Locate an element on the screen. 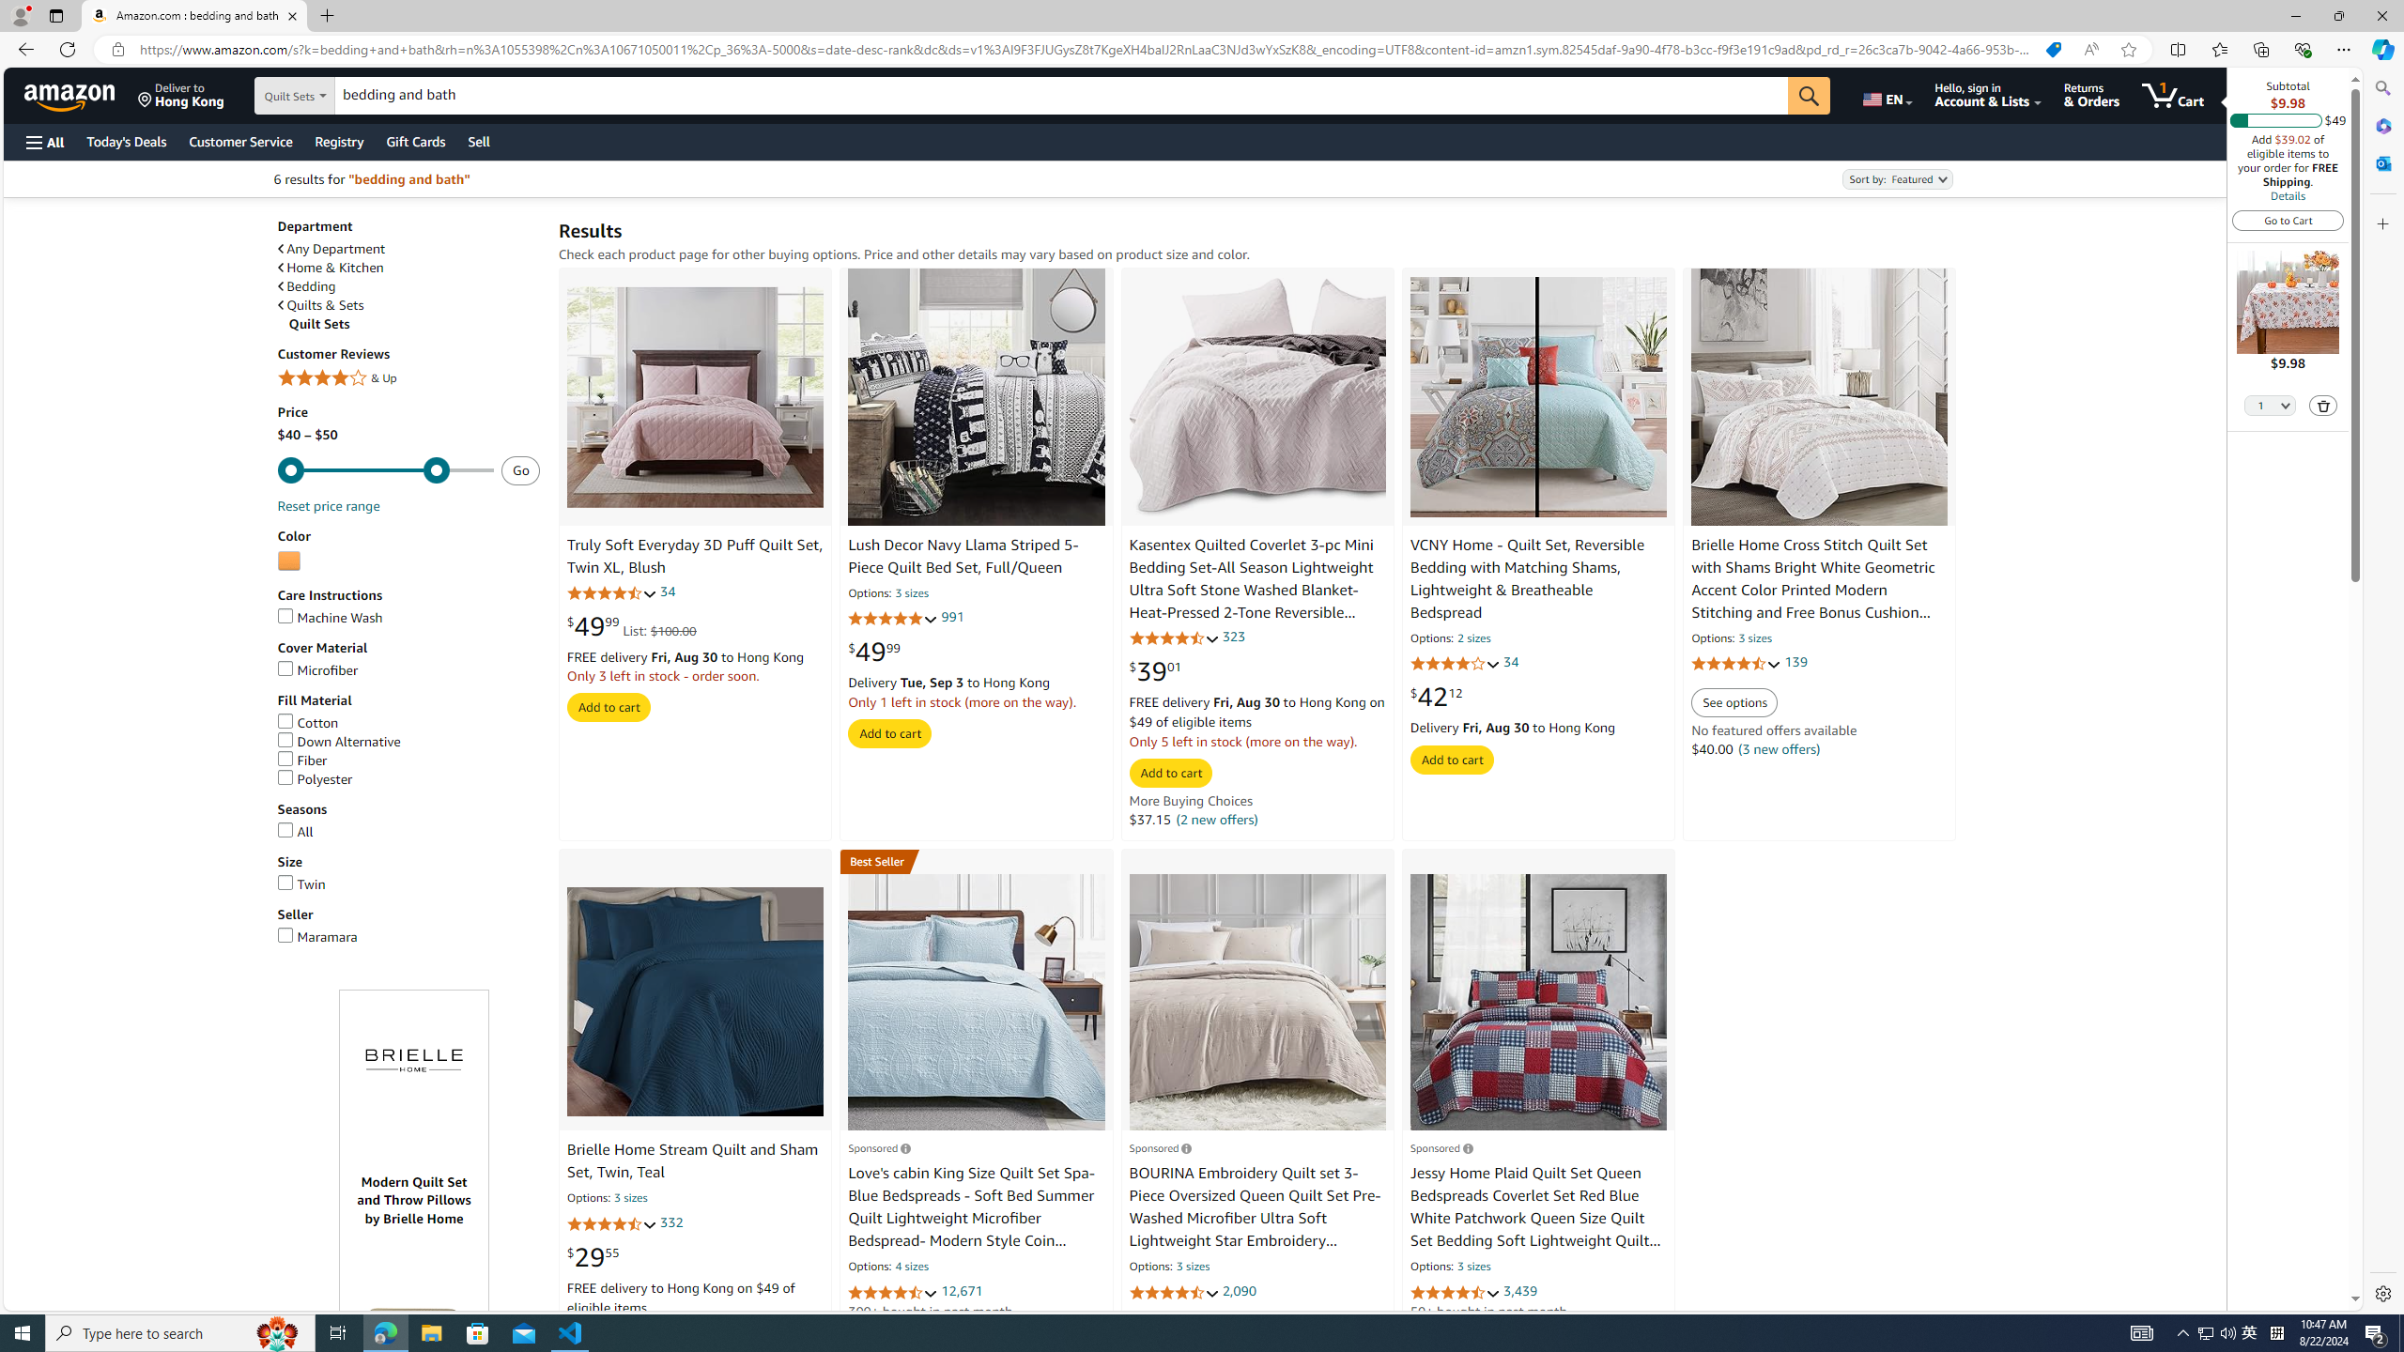 This screenshot has width=2404, height=1352. 'Search Amazon' is located at coordinates (1060, 96).